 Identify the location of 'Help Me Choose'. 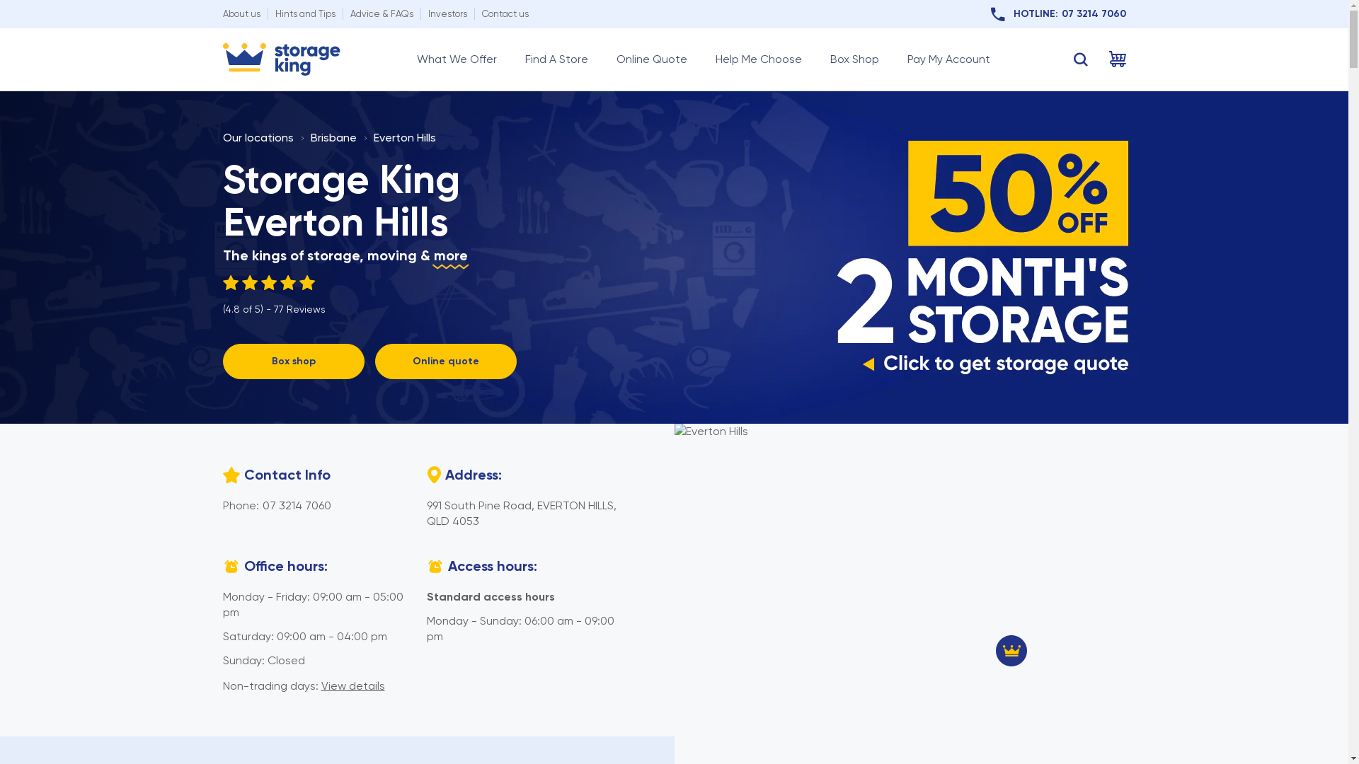
(714, 59).